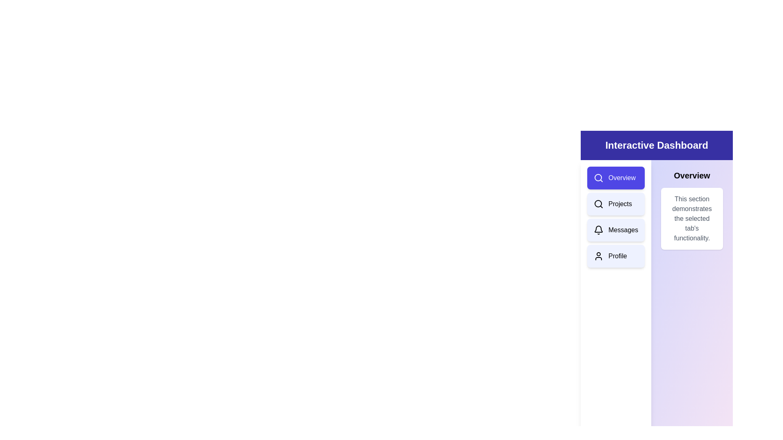 The image size is (783, 440). Describe the element at coordinates (599, 255) in the screenshot. I see `the 'Profile' menu option icon in the left sidebar for accessibility` at that location.